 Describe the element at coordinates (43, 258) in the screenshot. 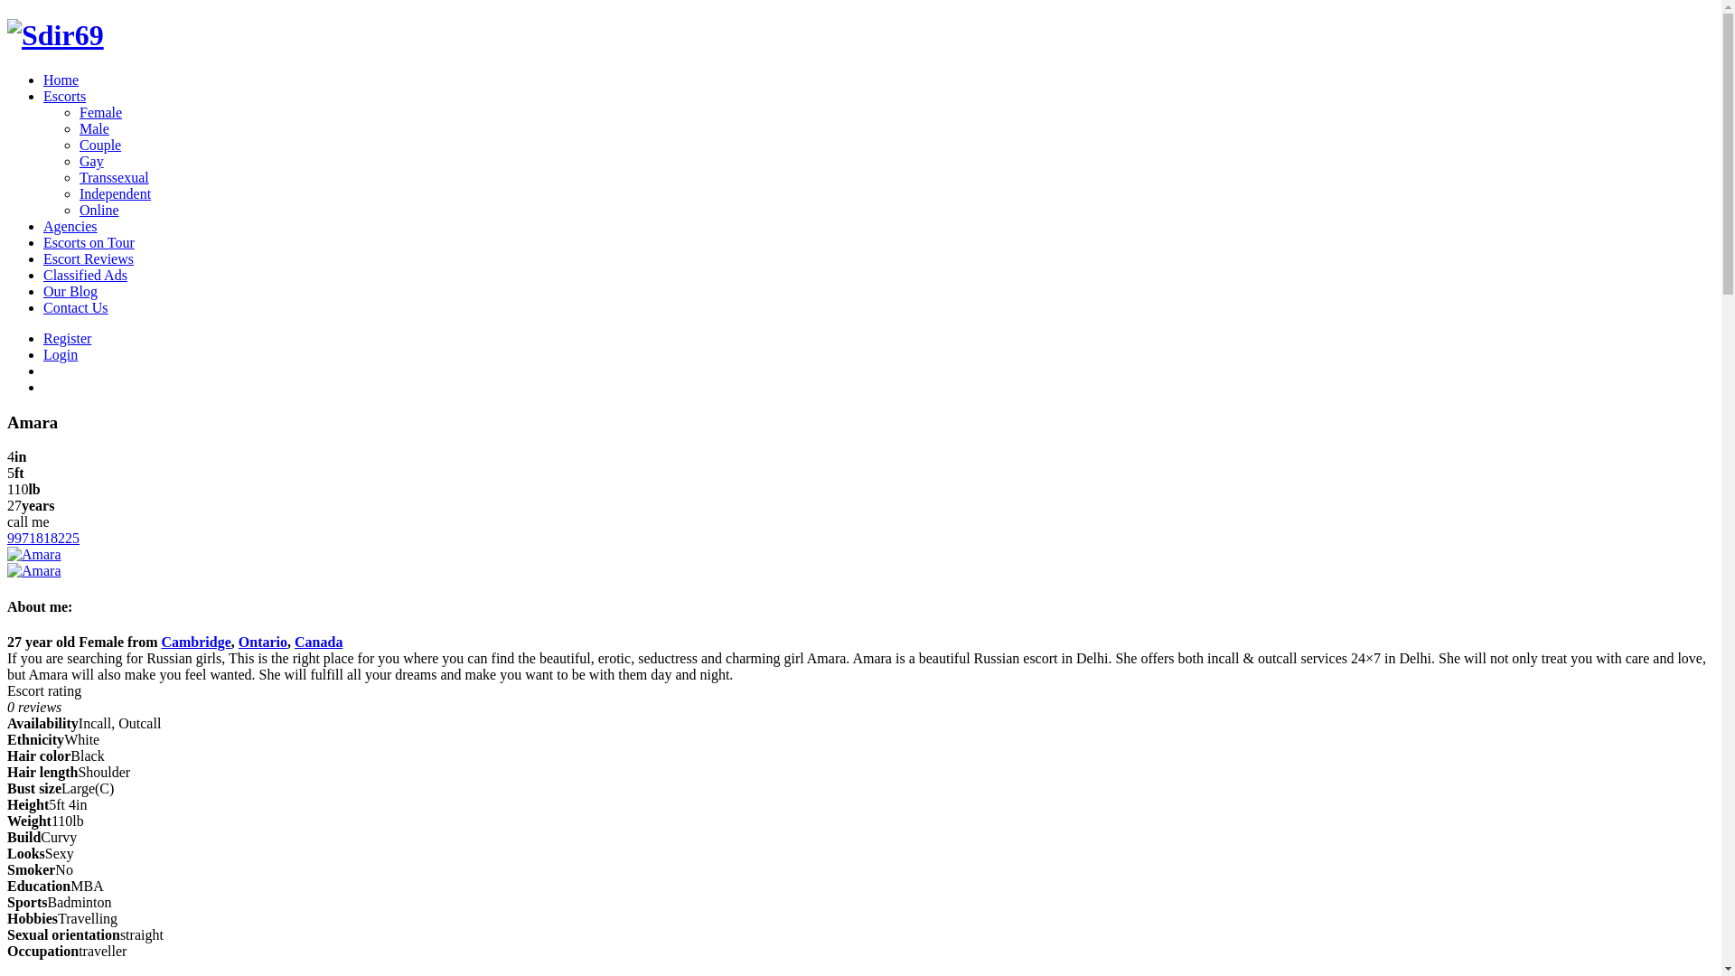

I see `'Escort Reviews'` at that location.